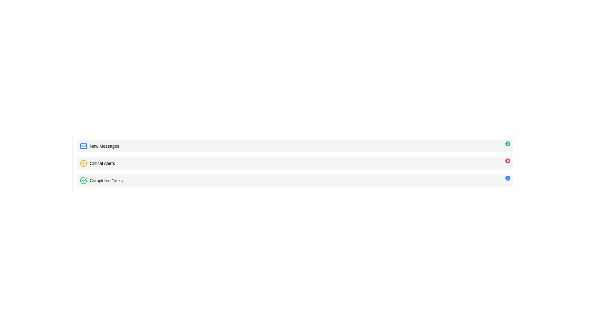 This screenshot has width=592, height=333. I want to click on yellow circular alert icon located to the left of the 'Critical Alerts' text, so click(83, 163).